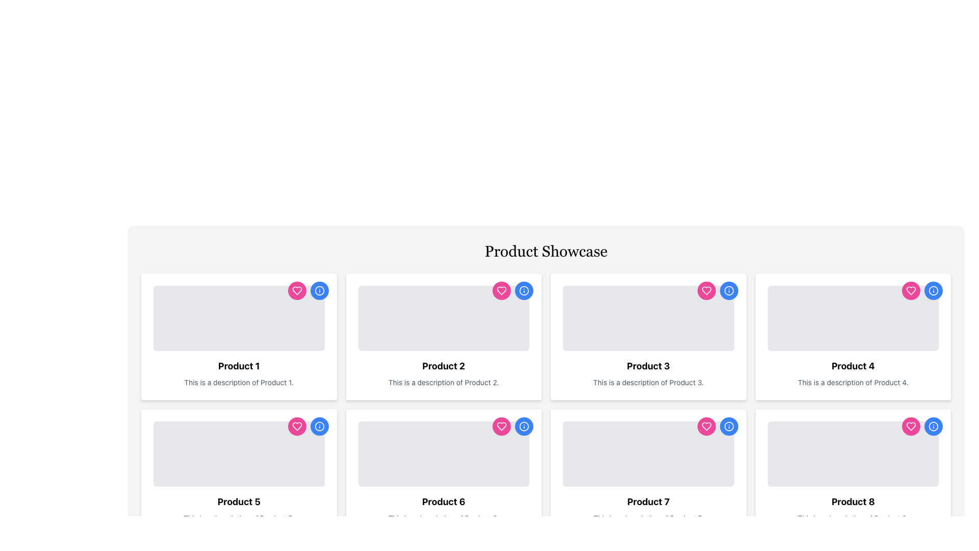 The image size is (979, 551). Describe the element at coordinates (911, 291) in the screenshot. I see `the heart-shaped icon with a pink outline located` at that location.